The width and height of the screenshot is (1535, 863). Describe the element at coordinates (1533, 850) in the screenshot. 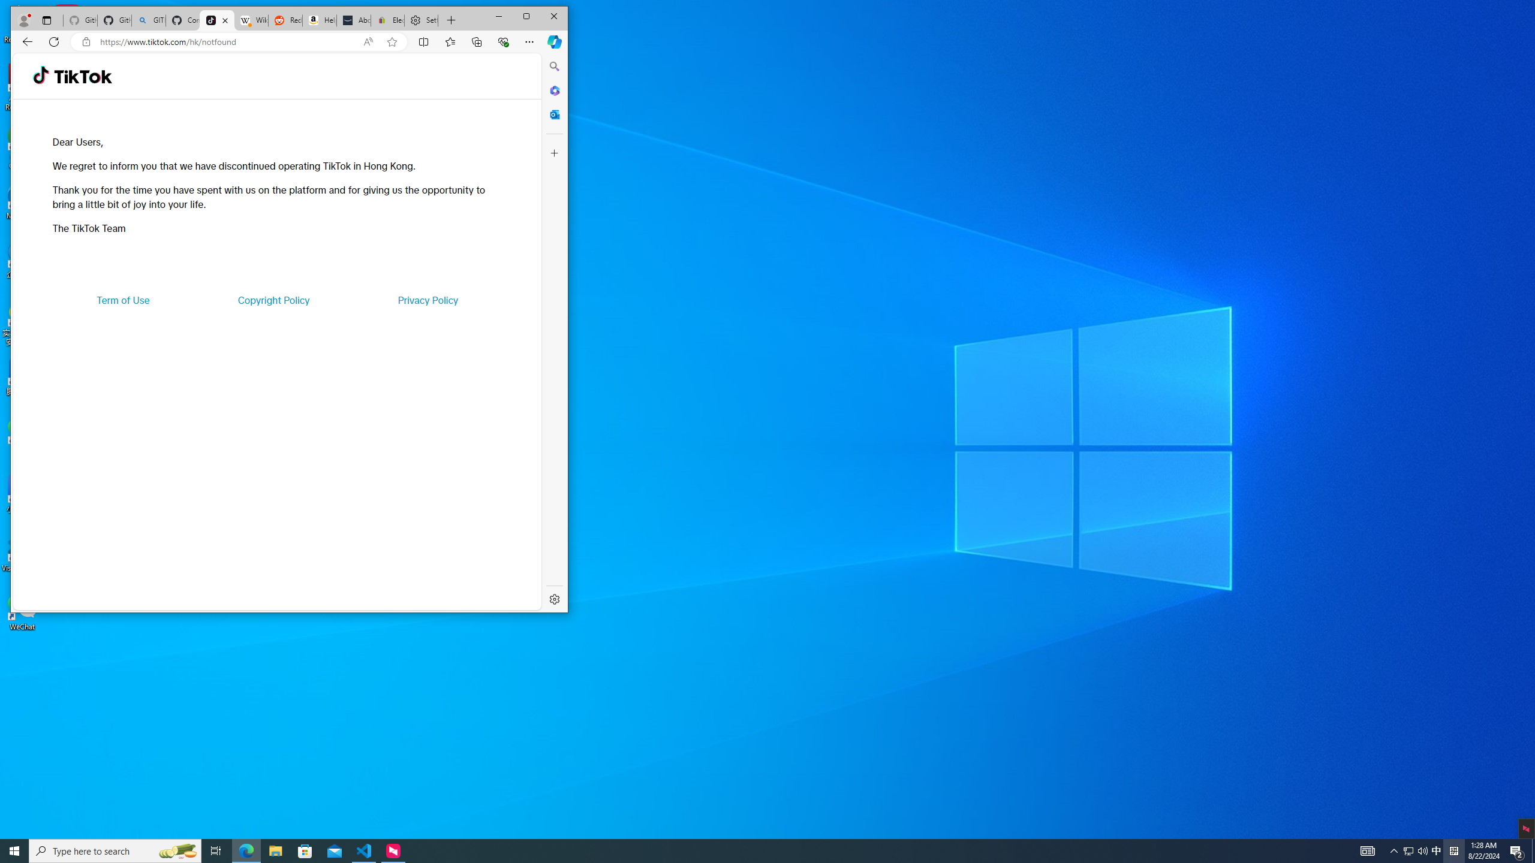

I see `'Show desktop'` at that location.